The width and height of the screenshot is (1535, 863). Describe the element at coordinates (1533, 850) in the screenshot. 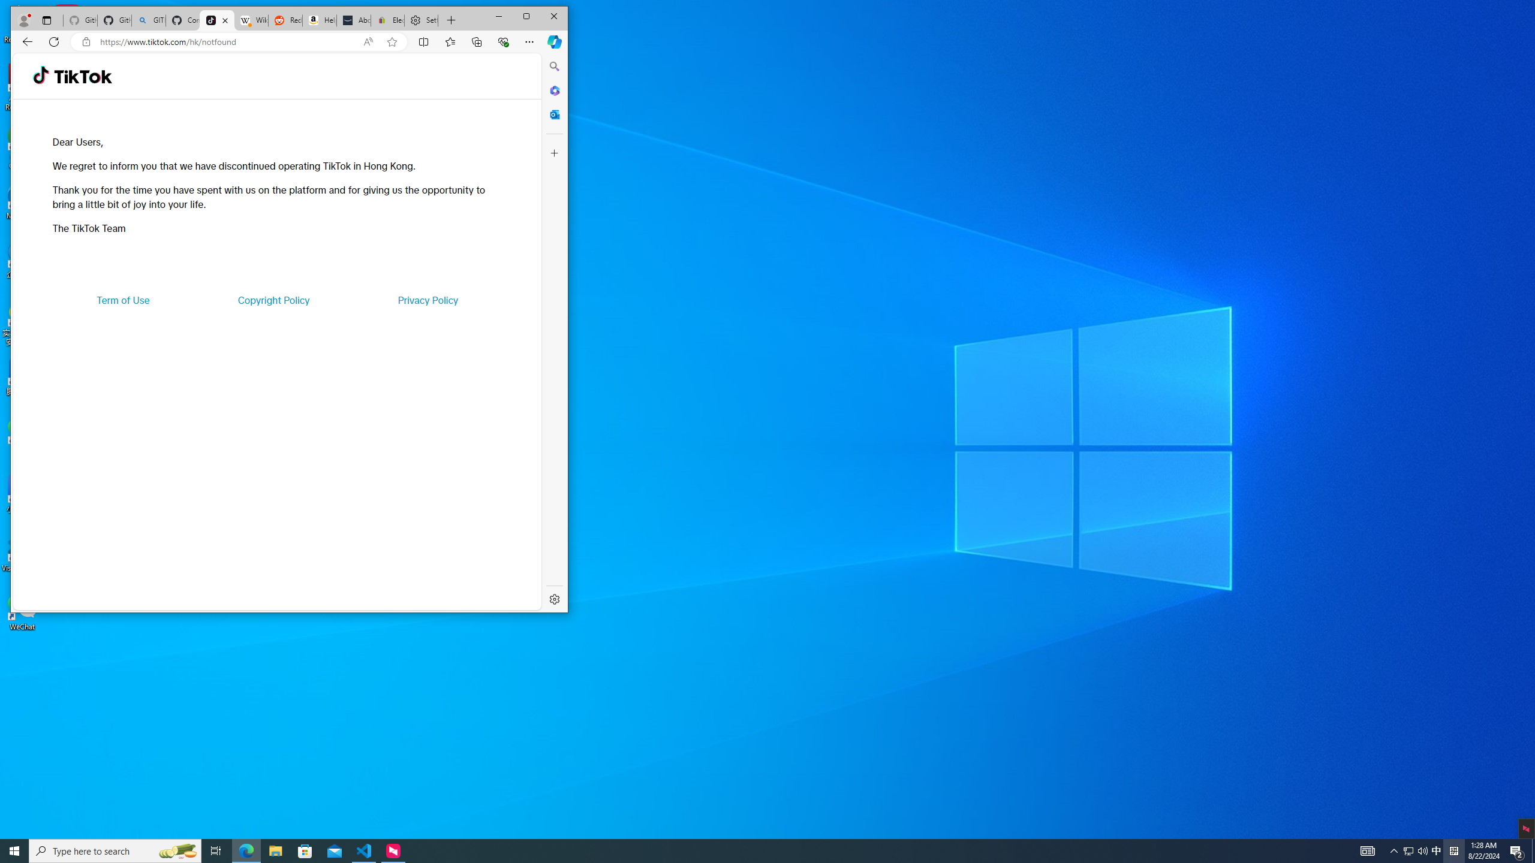

I see `'Show desktop'` at that location.